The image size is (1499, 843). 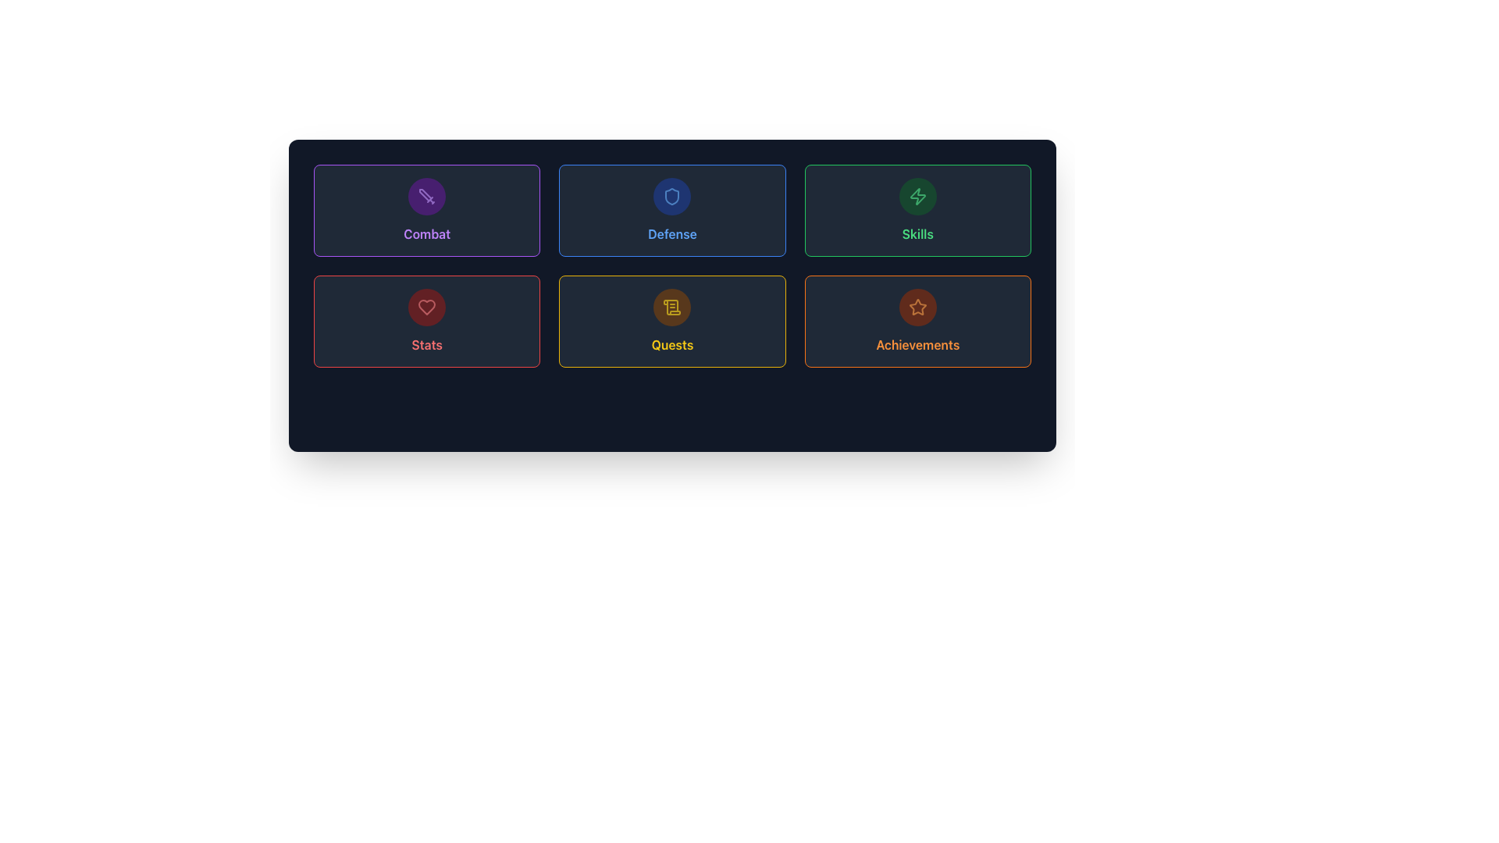 What do you see at coordinates (917, 195) in the screenshot?
I see `the circular icon with a green background and a lightning bolt graphic, located within the 'Skills' panel in the top-right corner of the grid layout` at bounding box center [917, 195].